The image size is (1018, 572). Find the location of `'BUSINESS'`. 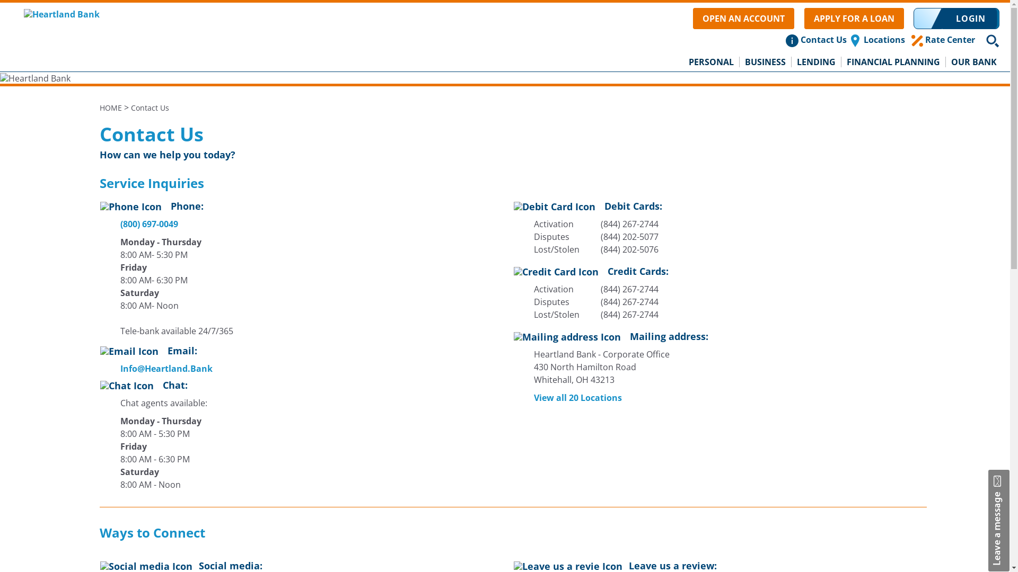

'BUSINESS' is located at coordinates (766, 61).